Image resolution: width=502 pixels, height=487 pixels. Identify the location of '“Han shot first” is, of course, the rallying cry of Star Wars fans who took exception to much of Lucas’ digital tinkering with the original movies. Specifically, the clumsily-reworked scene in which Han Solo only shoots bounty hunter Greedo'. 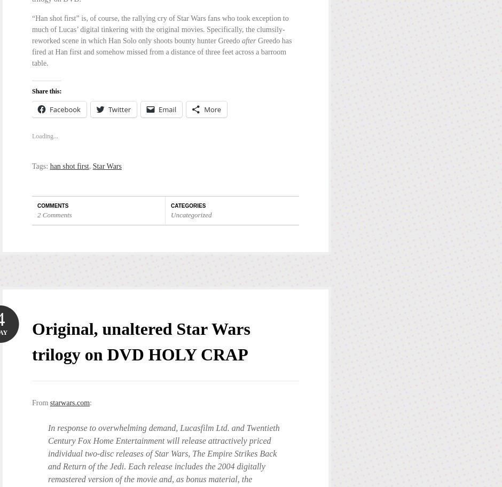
(159, 28).